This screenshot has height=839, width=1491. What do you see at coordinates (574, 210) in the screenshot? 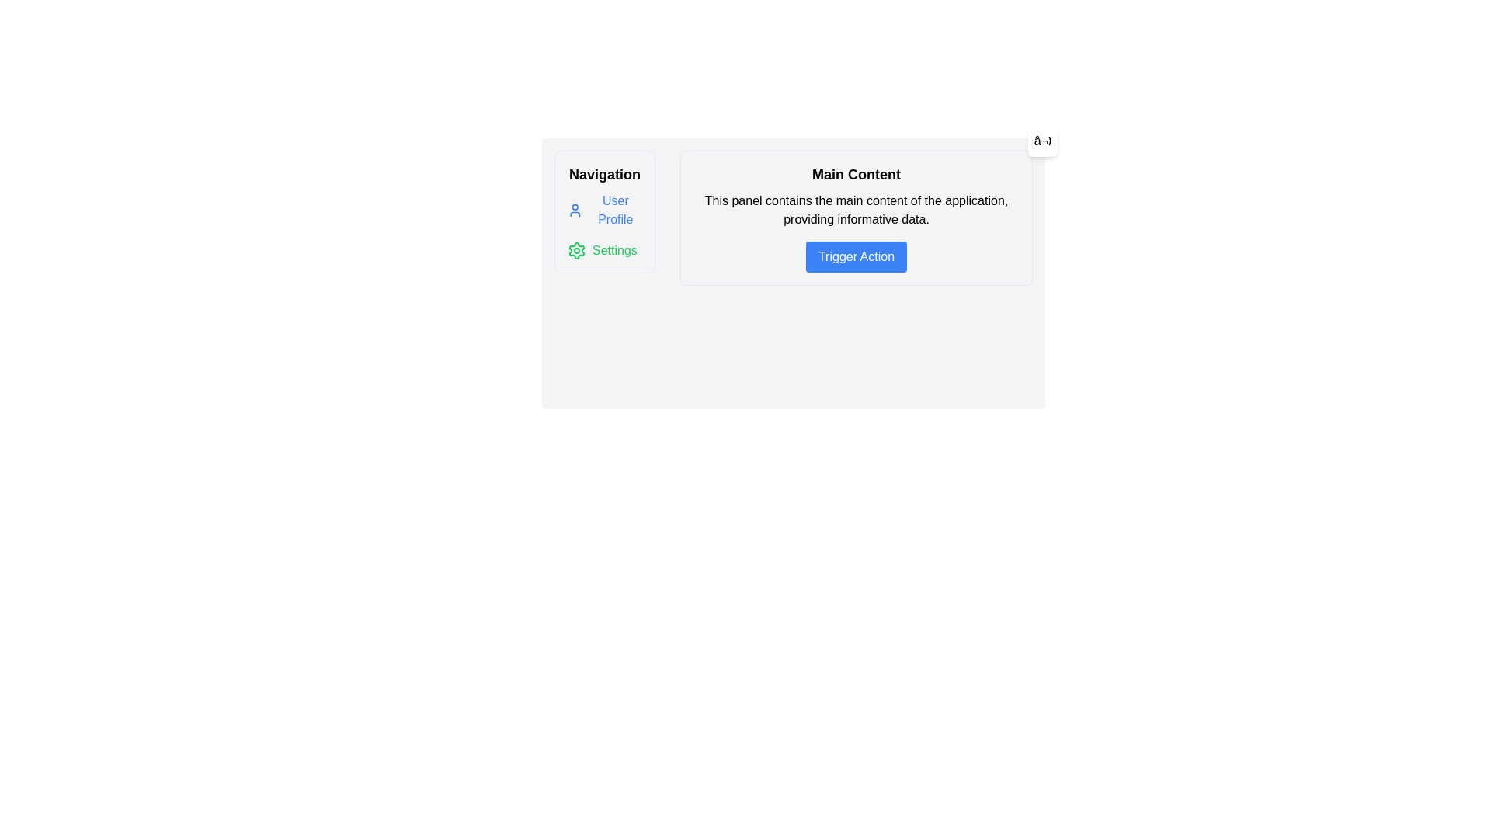
I see `the profile icon with a blue outline located in the navigation panel on the far left, directly above the 'User Profile' text` at bounding box center [574, 210].